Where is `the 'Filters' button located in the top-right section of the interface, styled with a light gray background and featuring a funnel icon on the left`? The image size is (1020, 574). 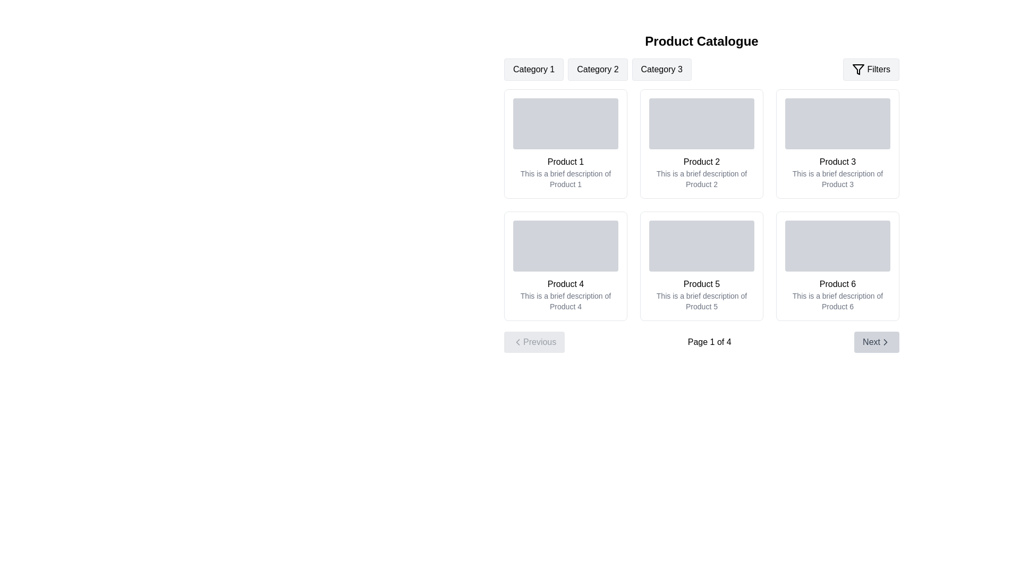
the 'Filters' button located in the top-right section of the interface, styled with a light gray background and featuring a funnel icon on the left is located at coordinates (871, 70).